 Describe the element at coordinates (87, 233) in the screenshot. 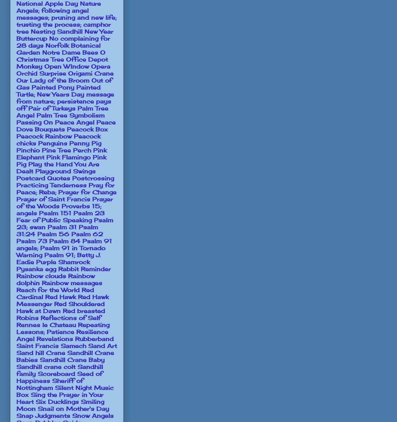

I see `'Psalm 62'` at that location.